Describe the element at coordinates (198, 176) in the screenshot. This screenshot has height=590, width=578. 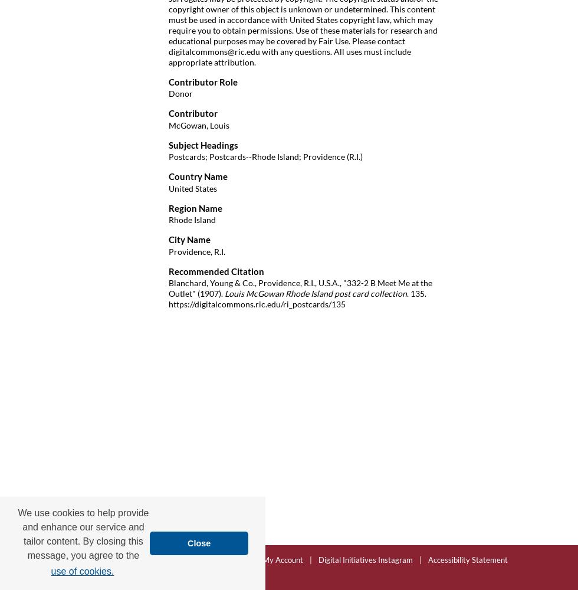
I see `'Country Name'` at that location.